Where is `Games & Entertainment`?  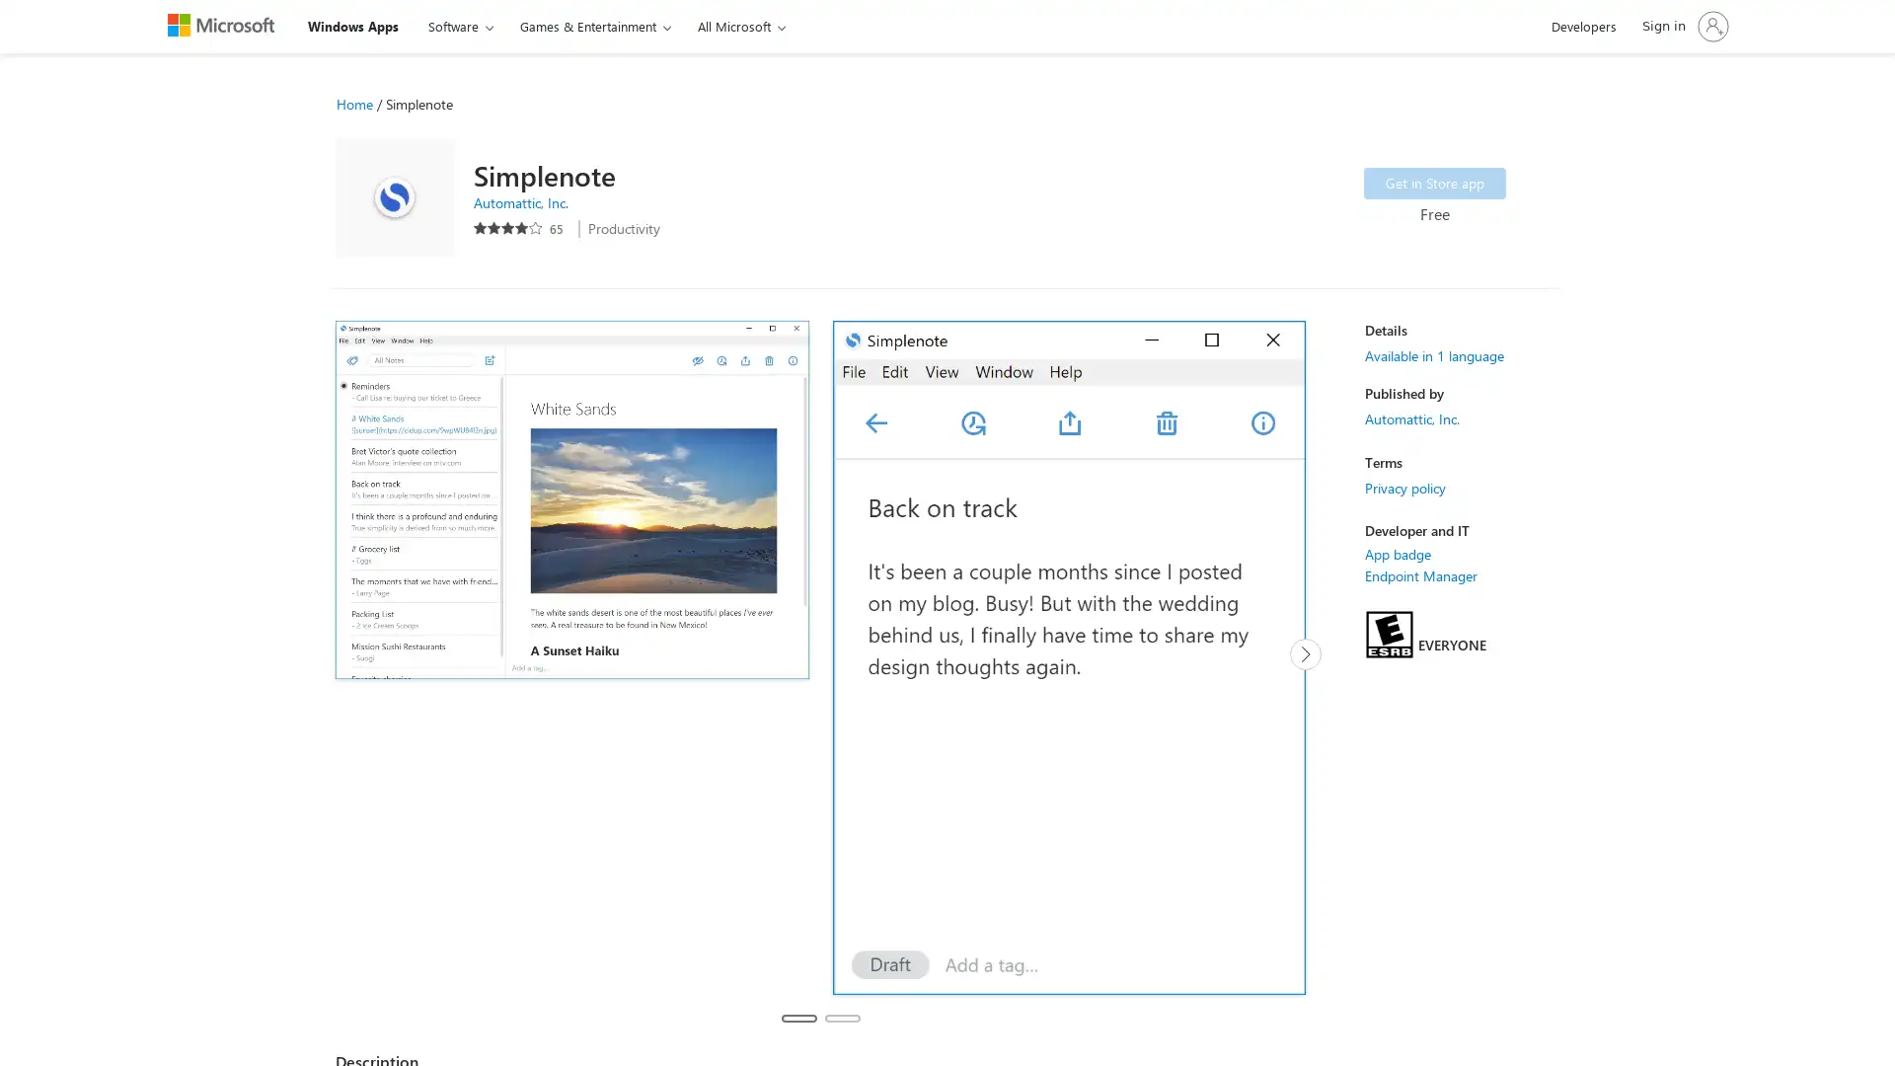 Games & Entertainment is located at coordinates (594, 26).